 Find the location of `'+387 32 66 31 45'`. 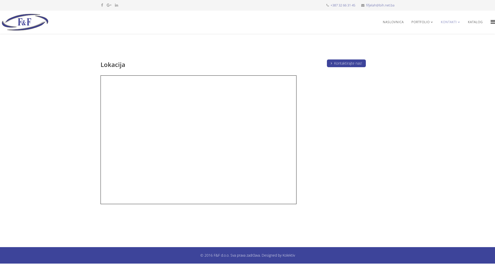

'+387 32 66 31 45' is located at coordinates (343, 5).